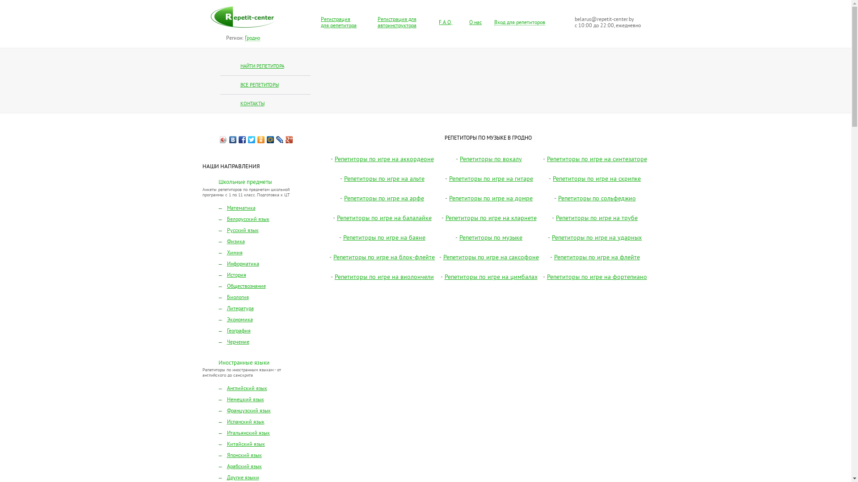  Describe the element at coordinates (289, 139) in the screenshot. I see `'Google Plus'` at that location.